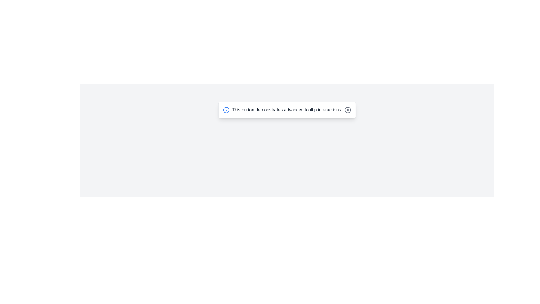  I want to click on text label that displays 'This button demonstrates advanced tooltip interactions.' which is located centrally between a blue information icon on the left and a gray close icon on the right, so click(287, 110).